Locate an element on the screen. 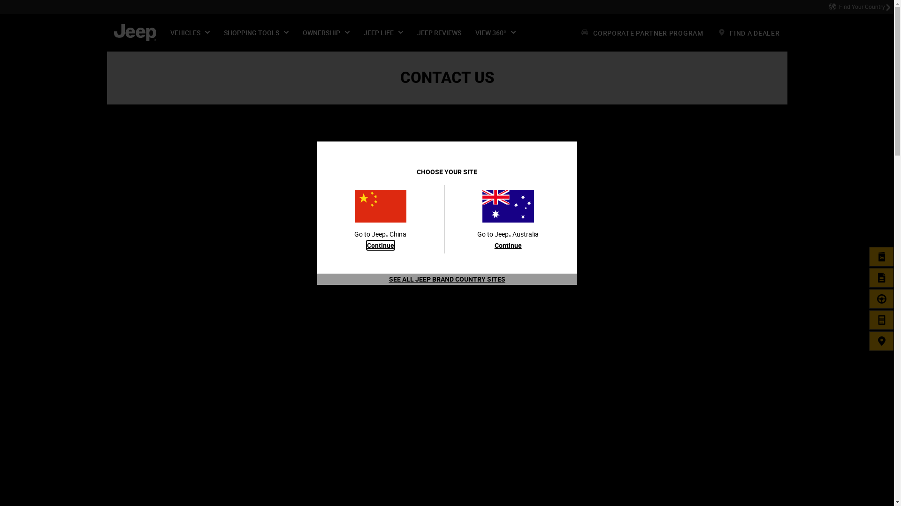 The image size is (901, 506). 'PRICING' is located at coordinates (881, 319).